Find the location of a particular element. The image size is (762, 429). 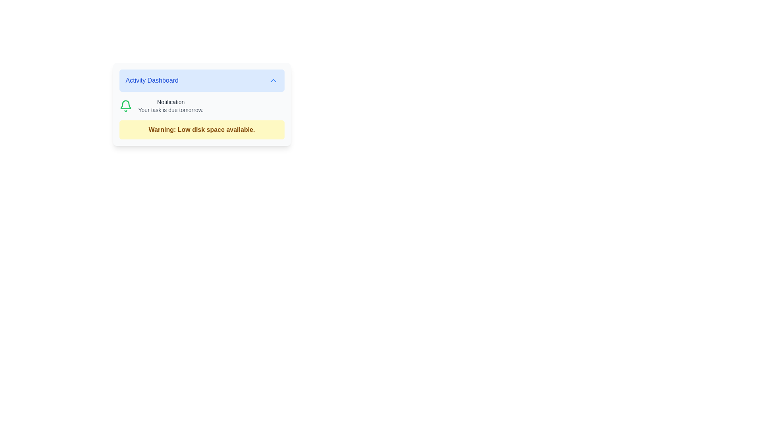

the text message 'Warning: Low disk space available.' displayed in bold yellow font within the yellow notification section of the 'Activity Dashboard' widget is located at coordinates (202, 129).